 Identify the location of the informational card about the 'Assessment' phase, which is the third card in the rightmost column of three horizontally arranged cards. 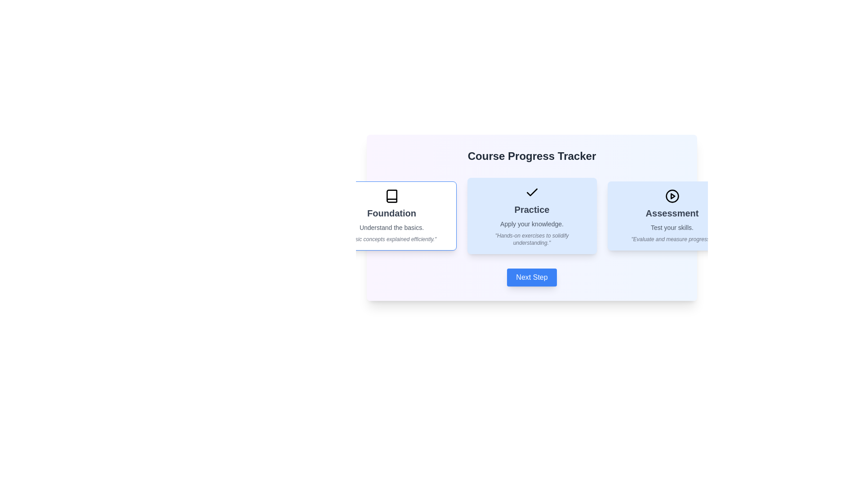
(672, 216).